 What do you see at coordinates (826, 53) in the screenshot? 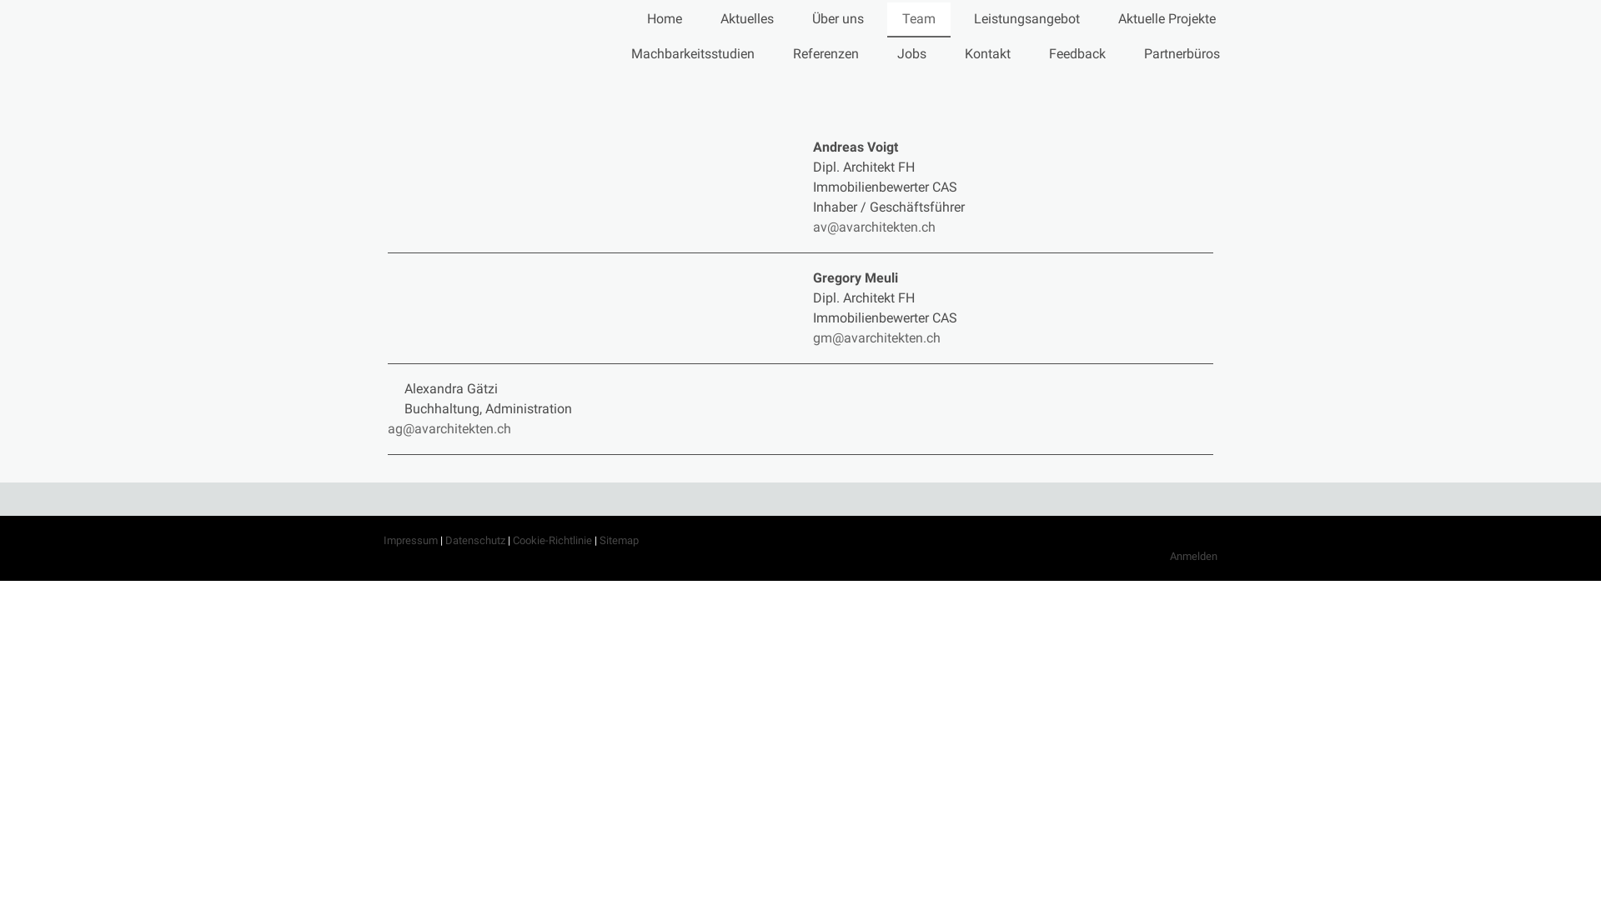
I see `'Referenzen'` at bounding box center [826, 53].